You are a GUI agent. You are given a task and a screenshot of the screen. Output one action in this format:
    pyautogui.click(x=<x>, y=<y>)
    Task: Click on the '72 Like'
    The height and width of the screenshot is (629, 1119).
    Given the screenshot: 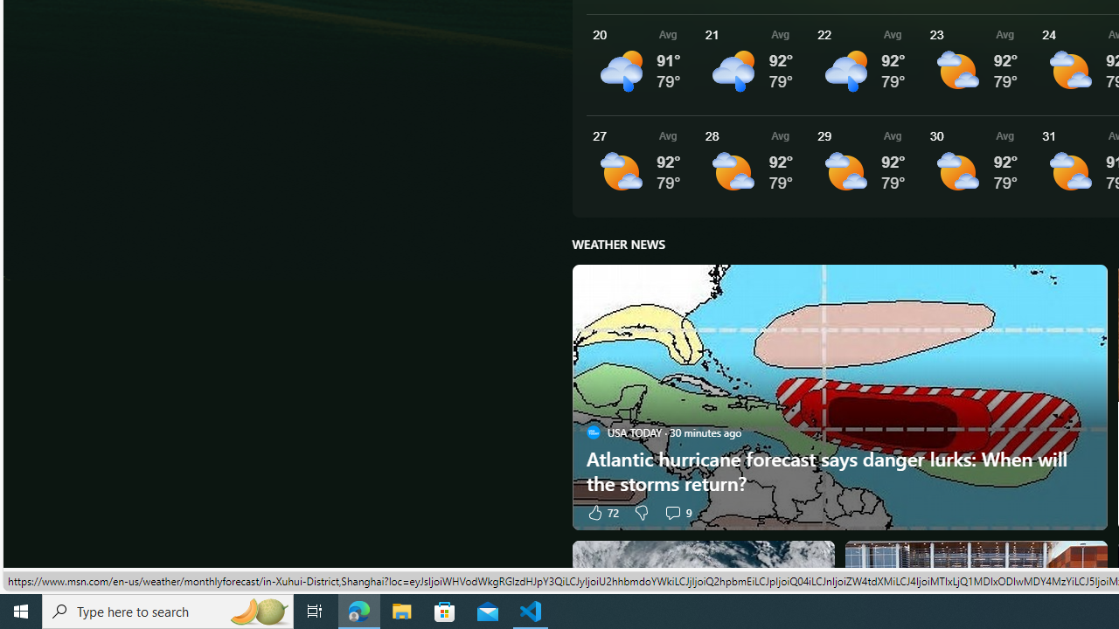 What is the action you would take?
    pyautogui.click(x=601, y=511)
    